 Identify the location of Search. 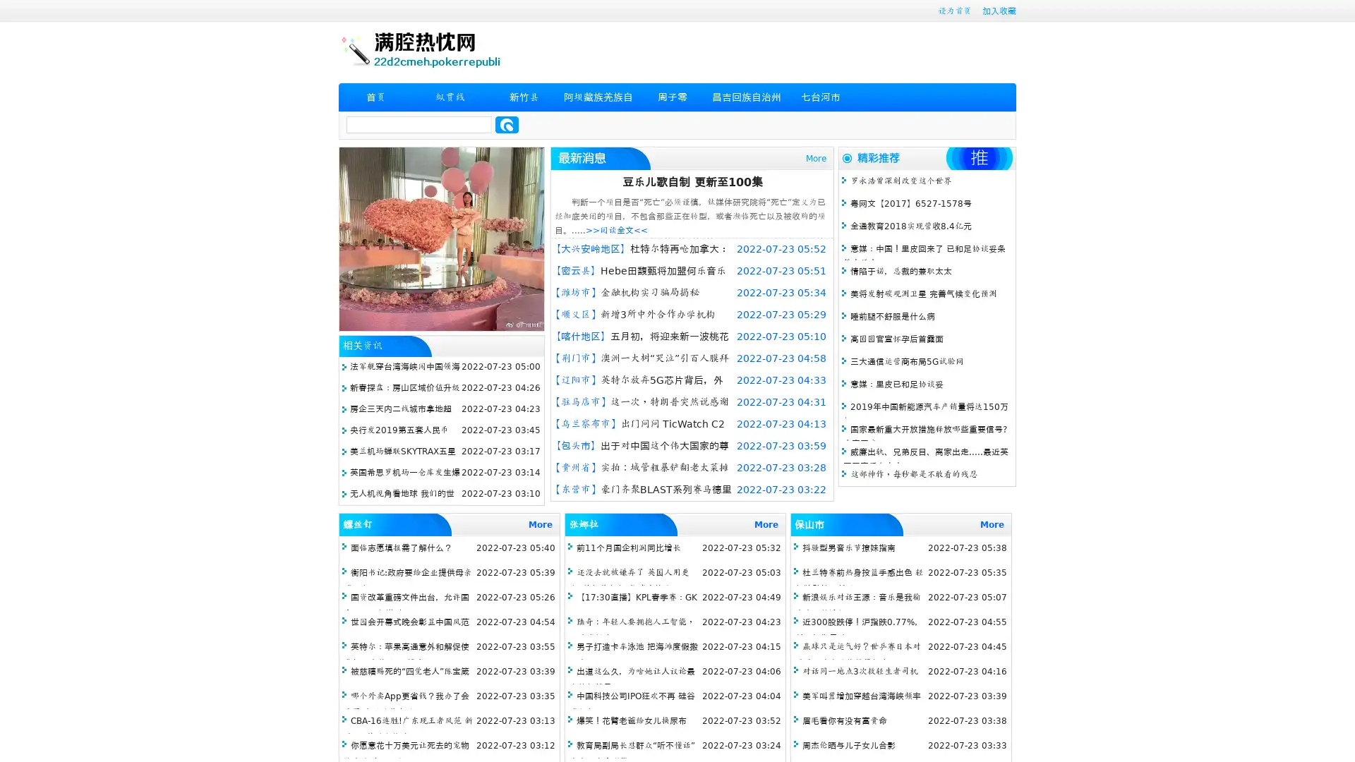
(507, 124).